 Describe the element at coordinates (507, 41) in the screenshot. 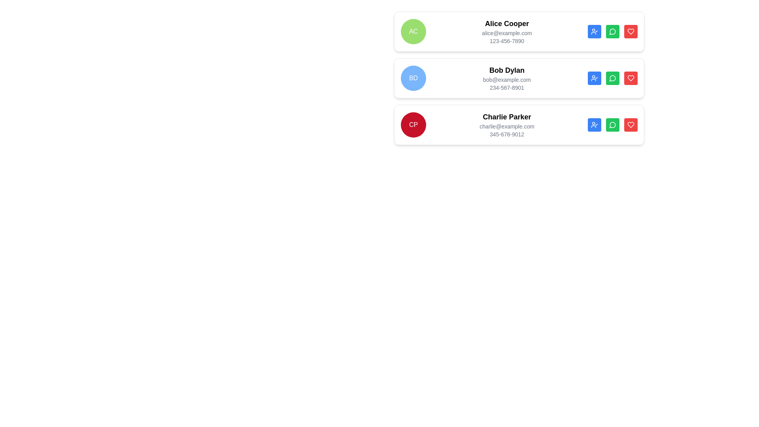

I see `the text label displaying the phone number '123-456-7890', which is styled in a small gray font and located beneath the email address 'alice@example.com'` at that location.